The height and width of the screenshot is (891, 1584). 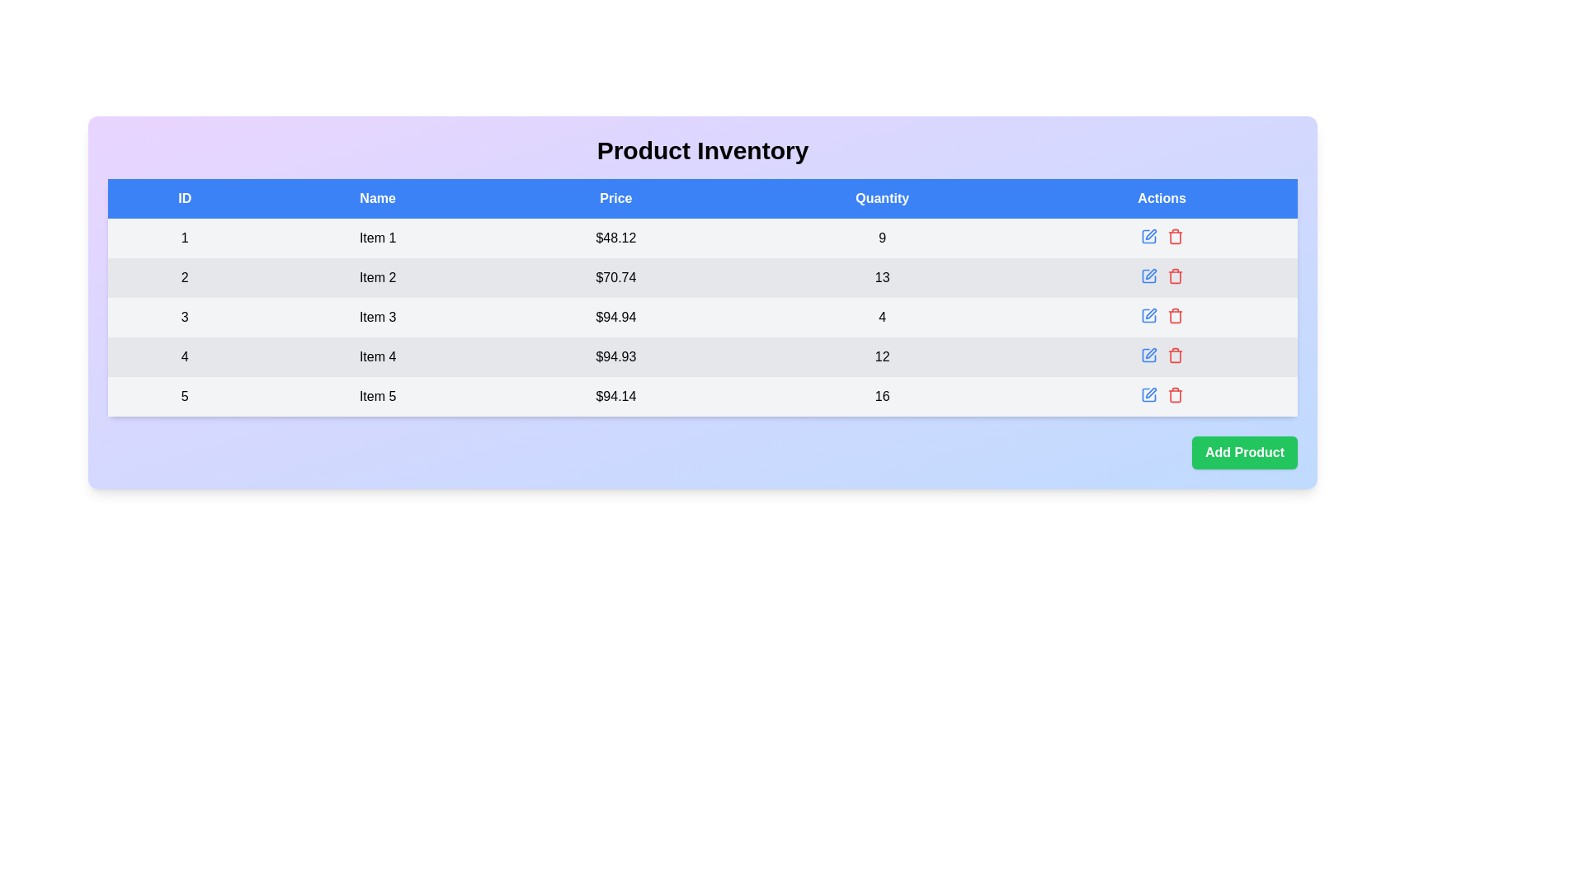 I want to click on the static label text indicating the 'Price' column in the table header, which is the third item from the left after 'ID' and 'Name', so click(x=615, y=197).